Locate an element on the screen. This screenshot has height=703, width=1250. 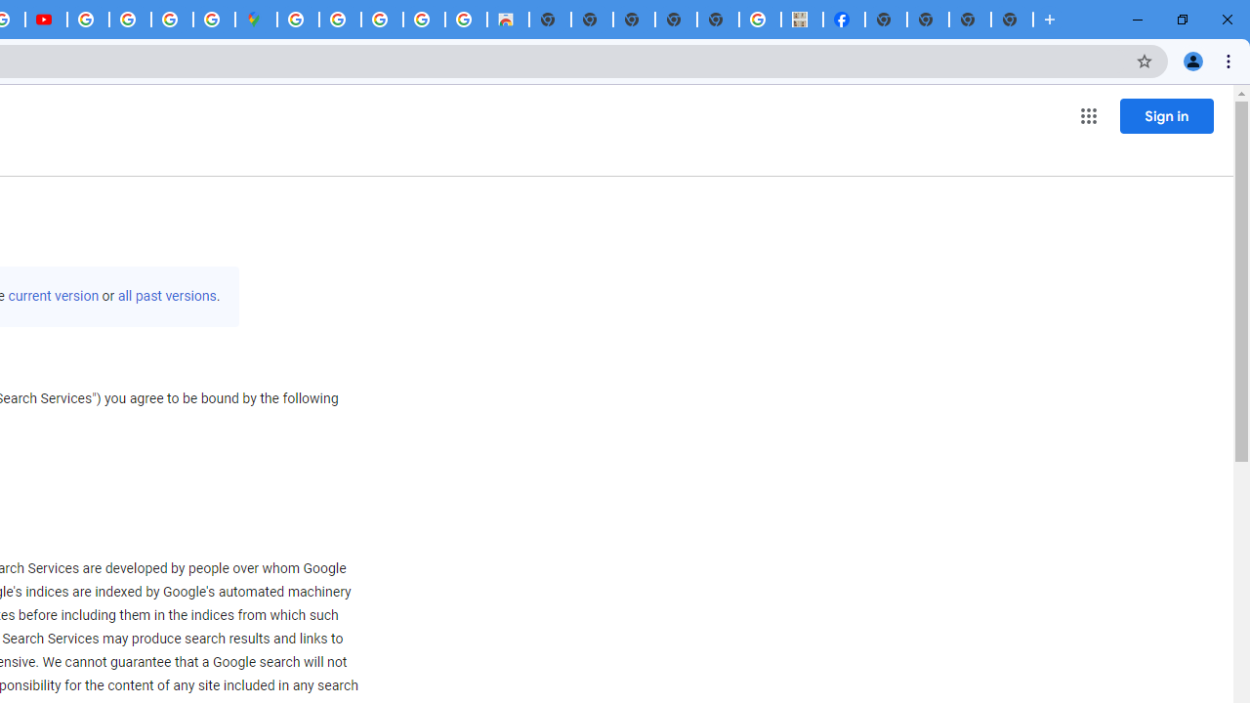
'Sign in - Google Accounts' is located at coordinates (297, 20).